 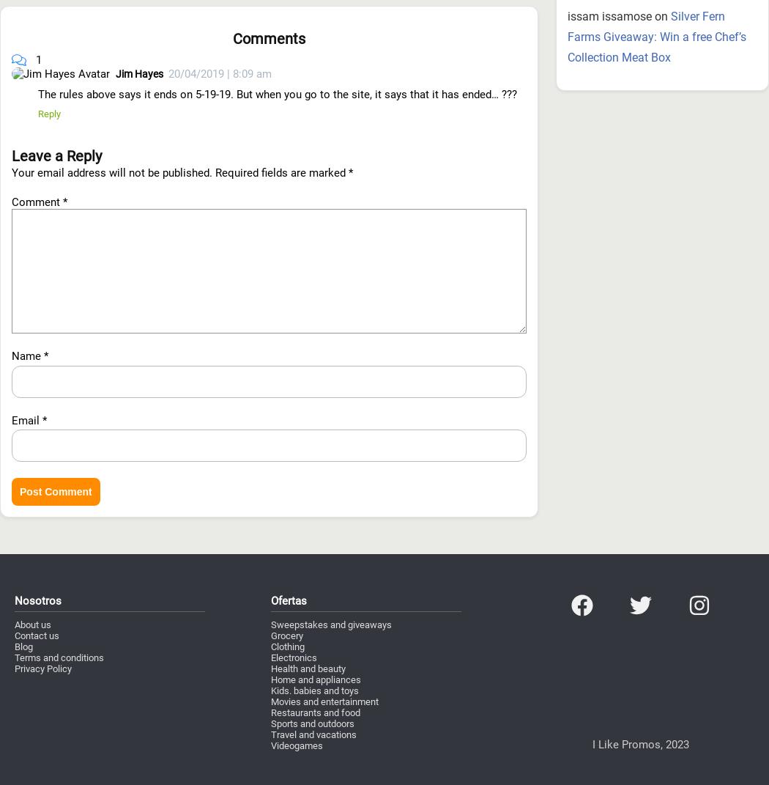 What do you see at coordinates (278, 14) in the screenshot?
I see `'The rules above says it ends on 5-19-19. But when you go to the site, it says that it has ended… ???'` at bounding box center [278, 14].